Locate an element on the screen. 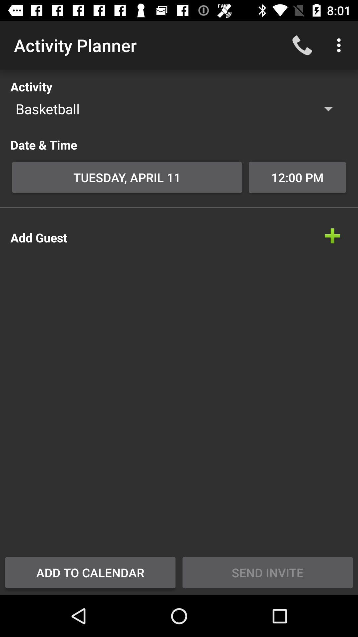 The width and height of the screenshot is (358, 637). item next to the add to calendar is located at coordinates (267, 572).